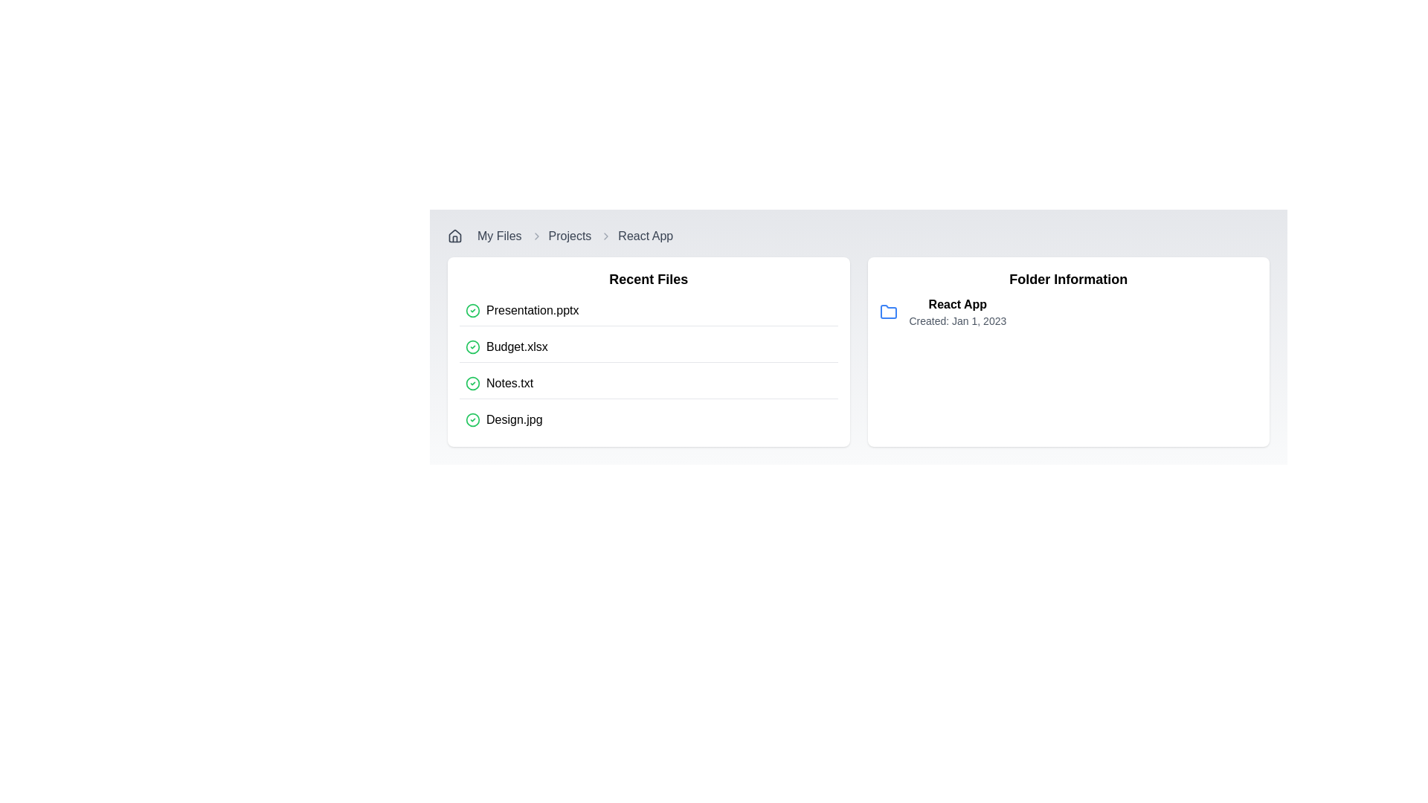 This screenshot has width=1428, height=803. Describe the element at coordinates (472, 346) in the screenshot. I see `the circular outline of the green circle-check icon located in the second row of the 'Recent Files' section, next to 'Budget.xlsx.'` at that location.